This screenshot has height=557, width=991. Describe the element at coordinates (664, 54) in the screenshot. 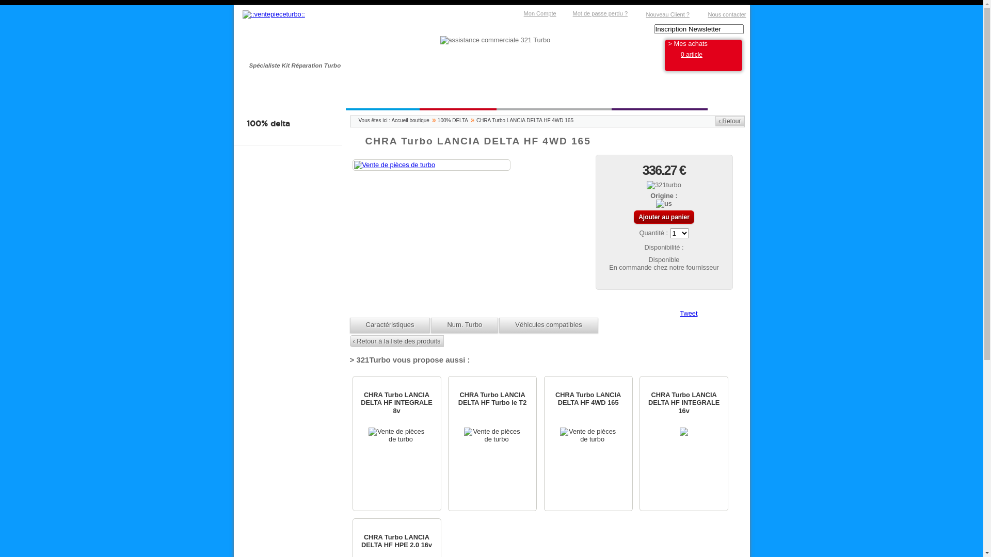

I see `'0 article'` at that location.